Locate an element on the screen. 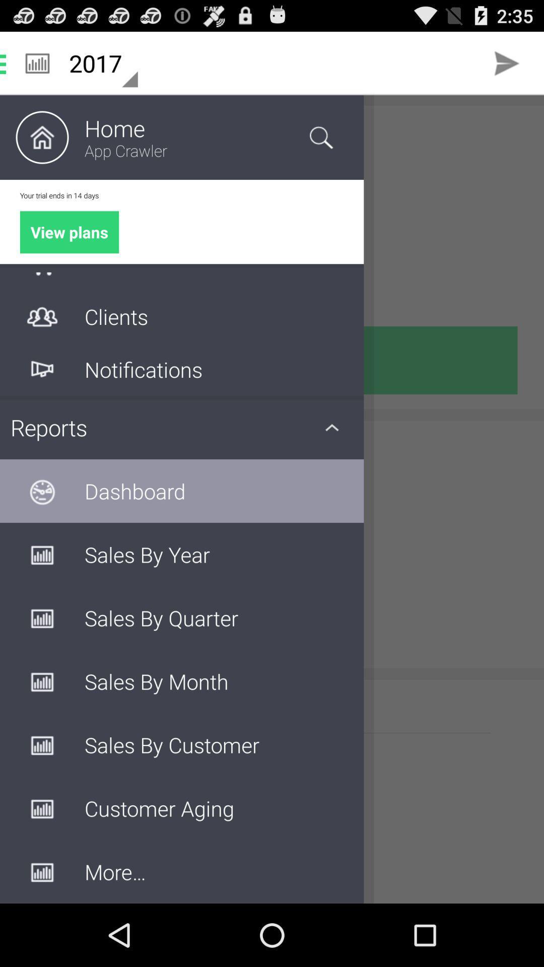 This screenshot has height=967, width=544. the home icon is located at coordinates (42, 147).